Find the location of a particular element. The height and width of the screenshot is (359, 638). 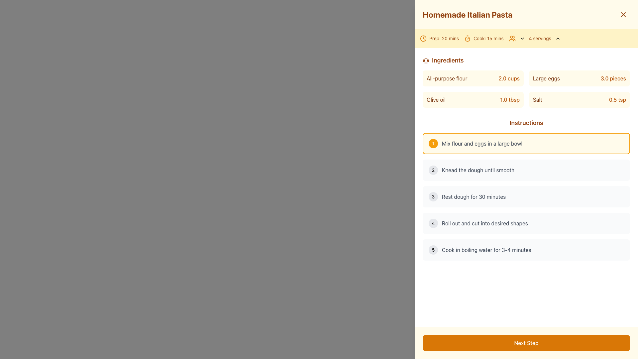

the text label displaying '1.0 tbsp' styled in amber color, located in the 'Ingredients' section, to the right of 'Olive oil' is located at coordinates (509, 100).